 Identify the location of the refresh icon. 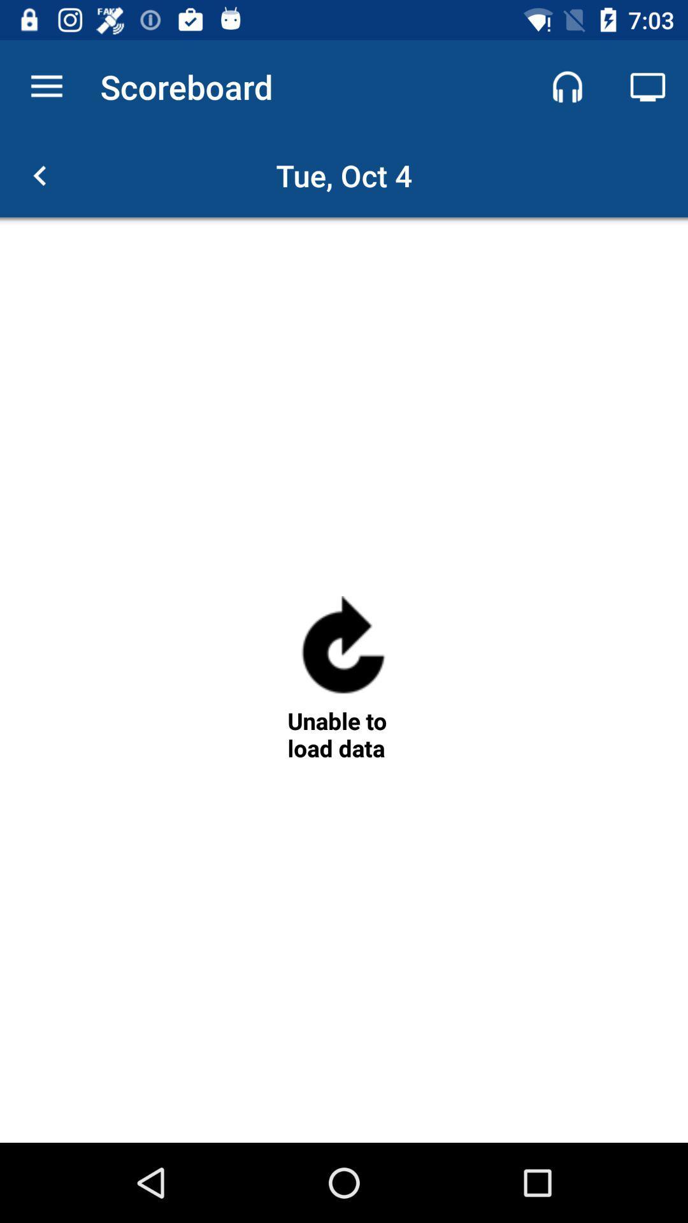
(343, 650).